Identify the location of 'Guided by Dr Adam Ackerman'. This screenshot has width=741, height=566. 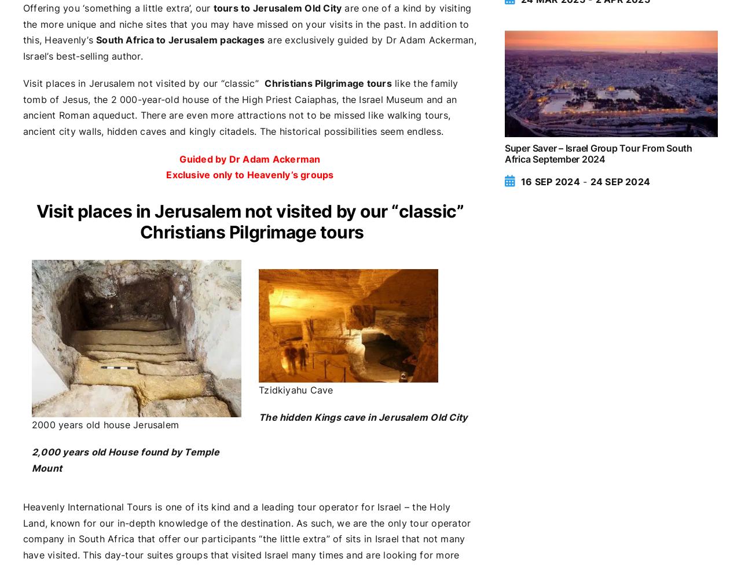
(249, 158).